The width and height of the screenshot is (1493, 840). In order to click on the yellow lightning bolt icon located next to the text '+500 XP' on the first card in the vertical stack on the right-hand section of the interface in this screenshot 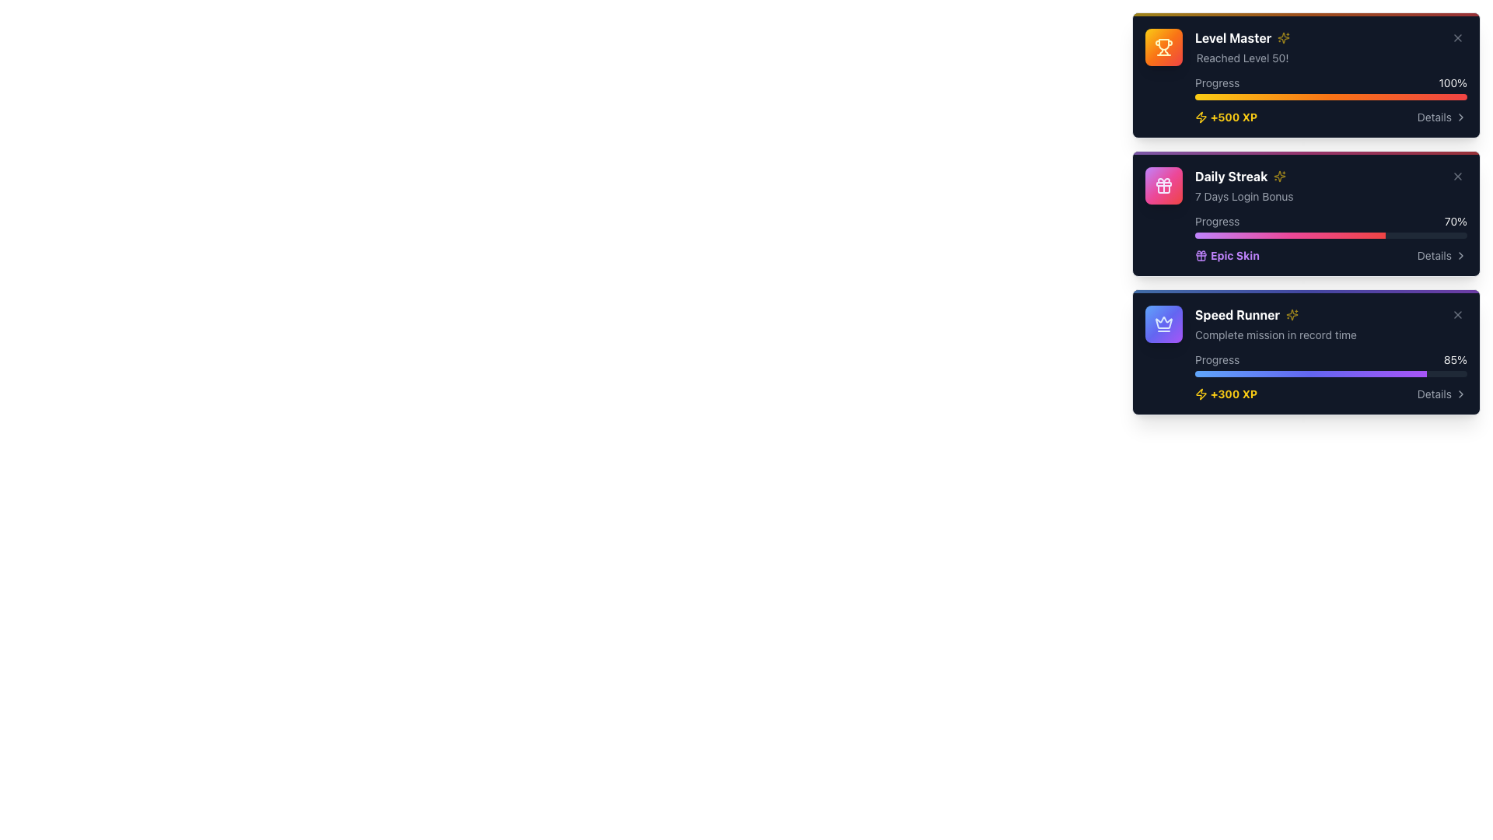, I will do `click(1201, 116)`.